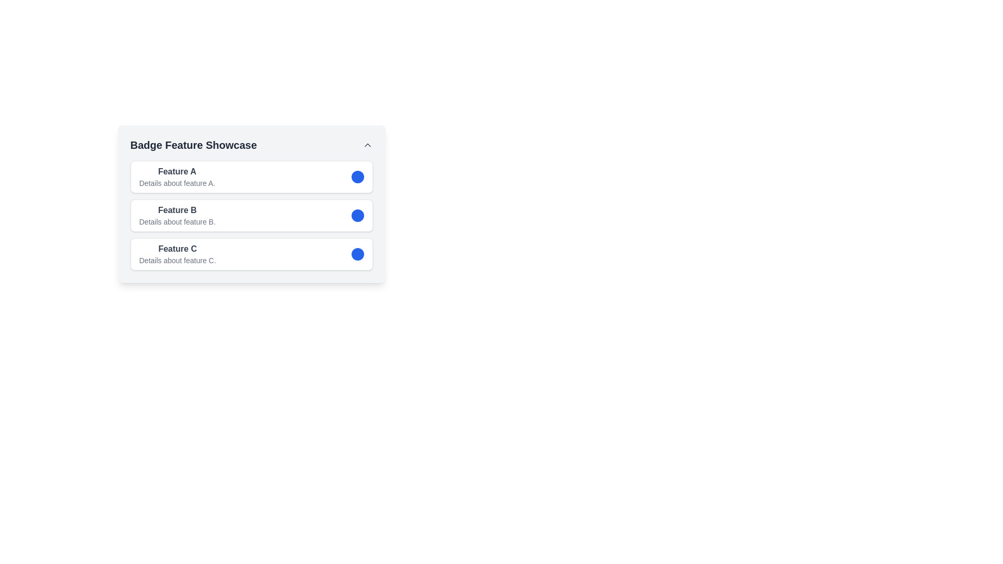 This screenshot has width=1003, height=564. What do you see at coordinates (367, 145) in the screenshot?
I see `the upward-pointing chevron icon in the header of the 'Badge Feature Showcase' panel` at bounding box center [367, 145].